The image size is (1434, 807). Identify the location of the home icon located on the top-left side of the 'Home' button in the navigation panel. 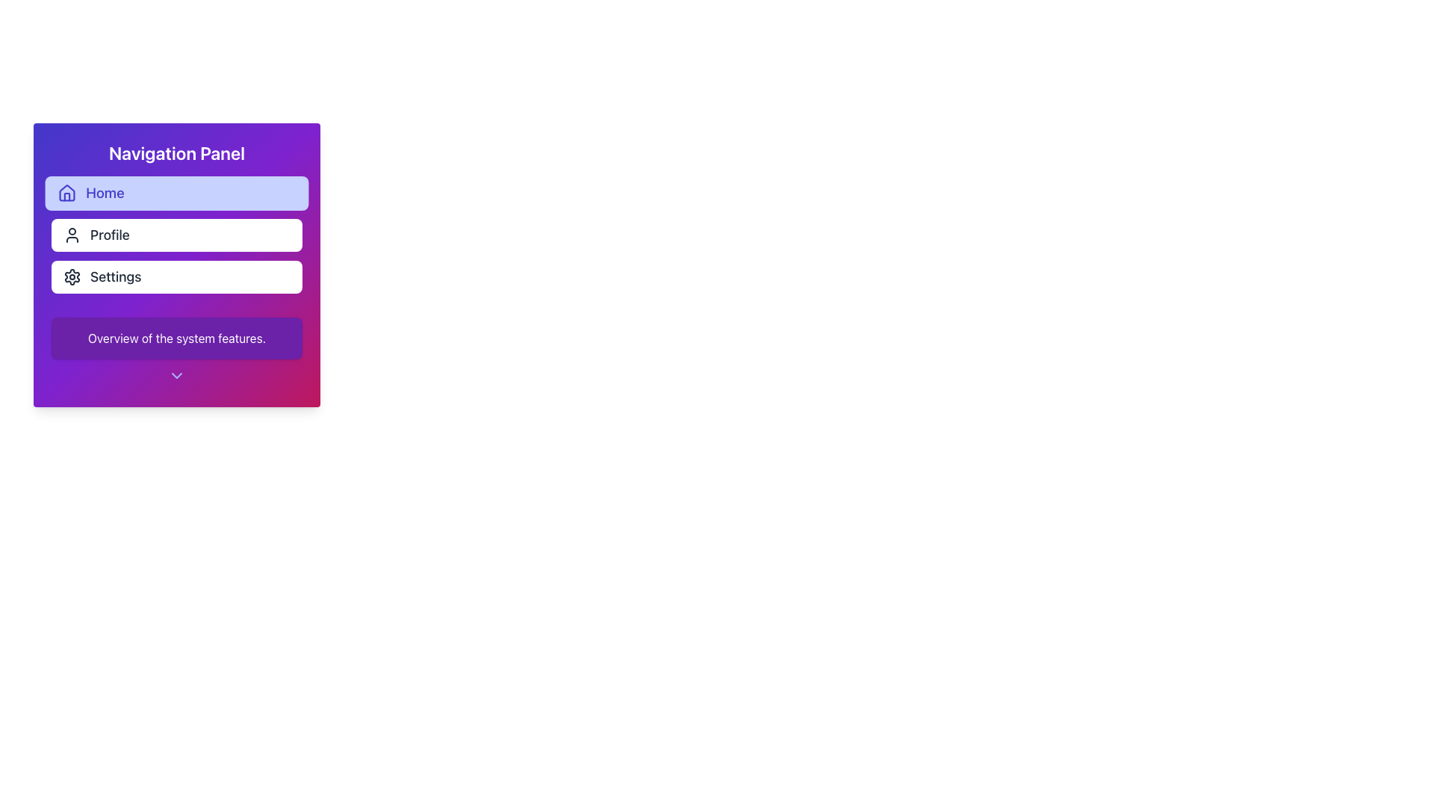
(66, 192).